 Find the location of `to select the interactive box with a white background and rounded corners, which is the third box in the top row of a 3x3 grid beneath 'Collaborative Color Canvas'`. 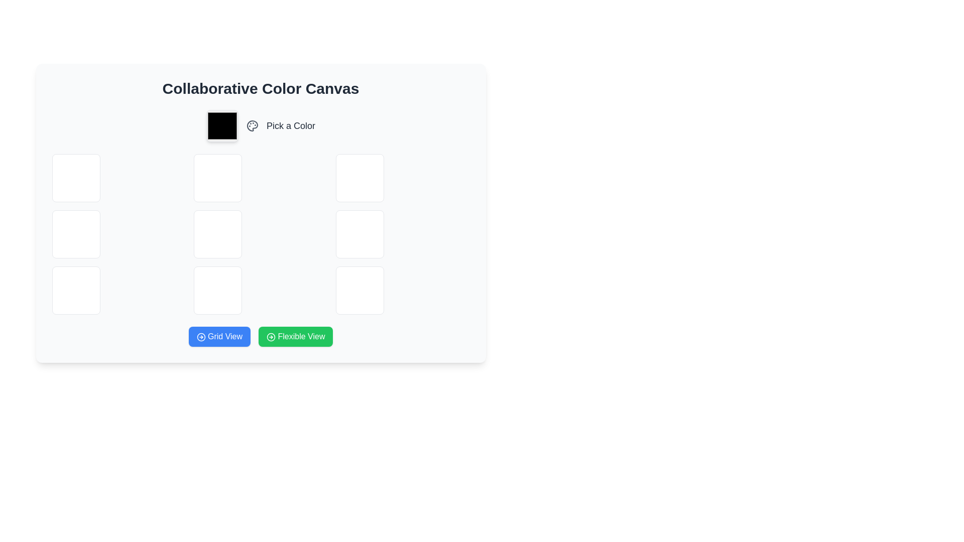

to select the interactive box with a white background and rounded corners, which is the third box in the top row of a 3x3 grid beneath 'Collaborative Color Canvas' is located at coordinates (359, 177).